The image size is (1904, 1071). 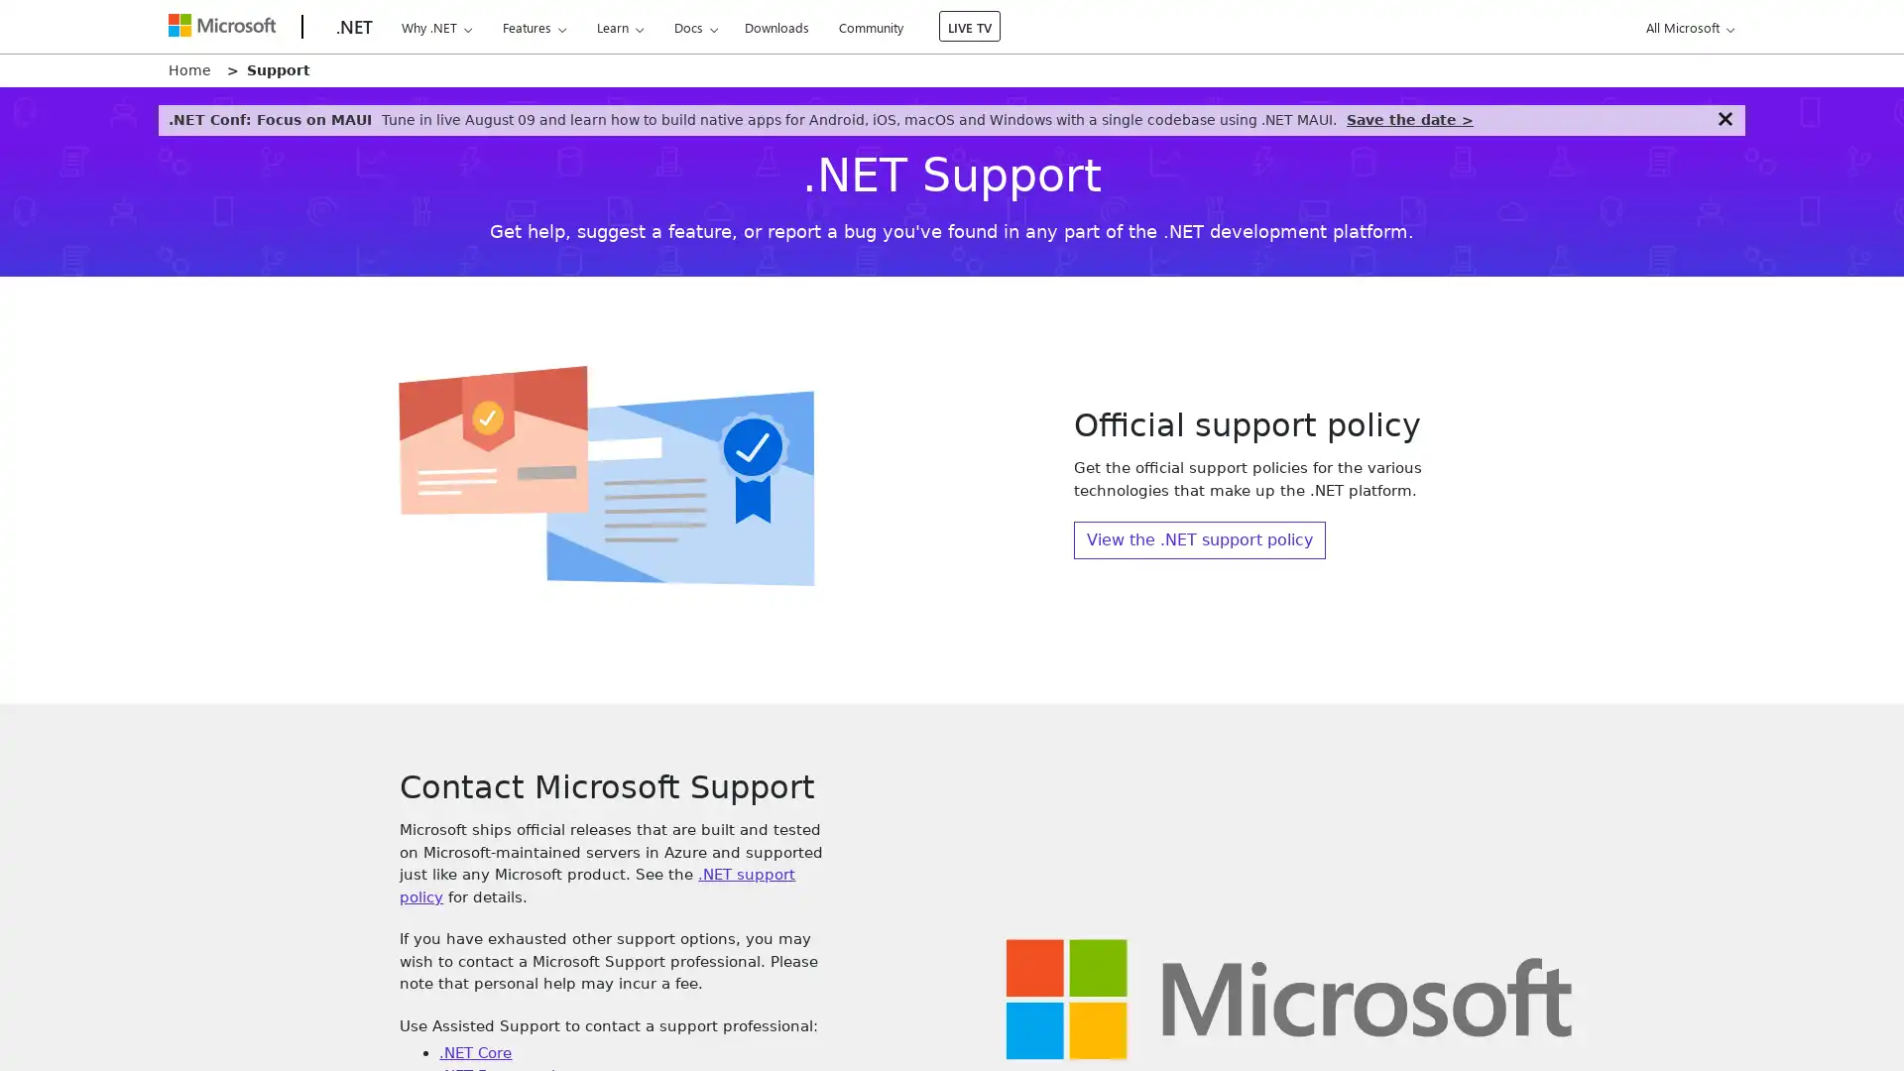 What do you see at coordinates (695, 27) in the screenshot?
I see `Docs` at bounding box center [695, 27].